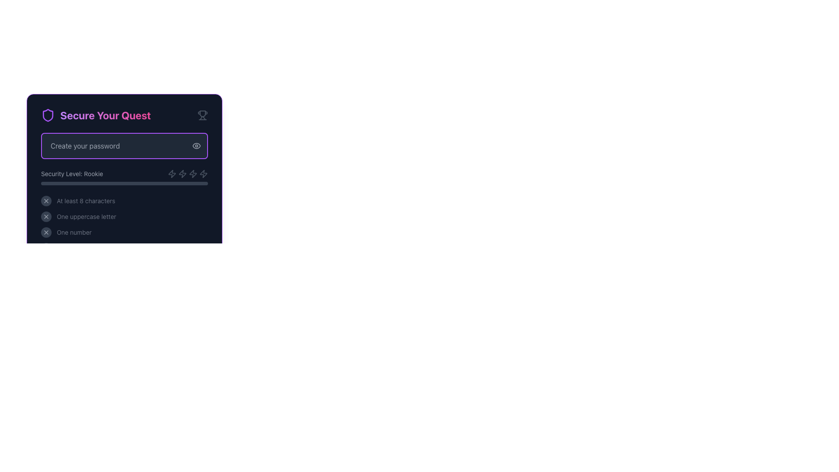 The height and width of the screenshot is (472, 839). What do you see at coordinates (45, 232) in the screenshot?
I see `the feedback indicator icon embedded in the circular button located in the 'One number' criteria section of the password security validation interface` at bounding box center [45, 232].